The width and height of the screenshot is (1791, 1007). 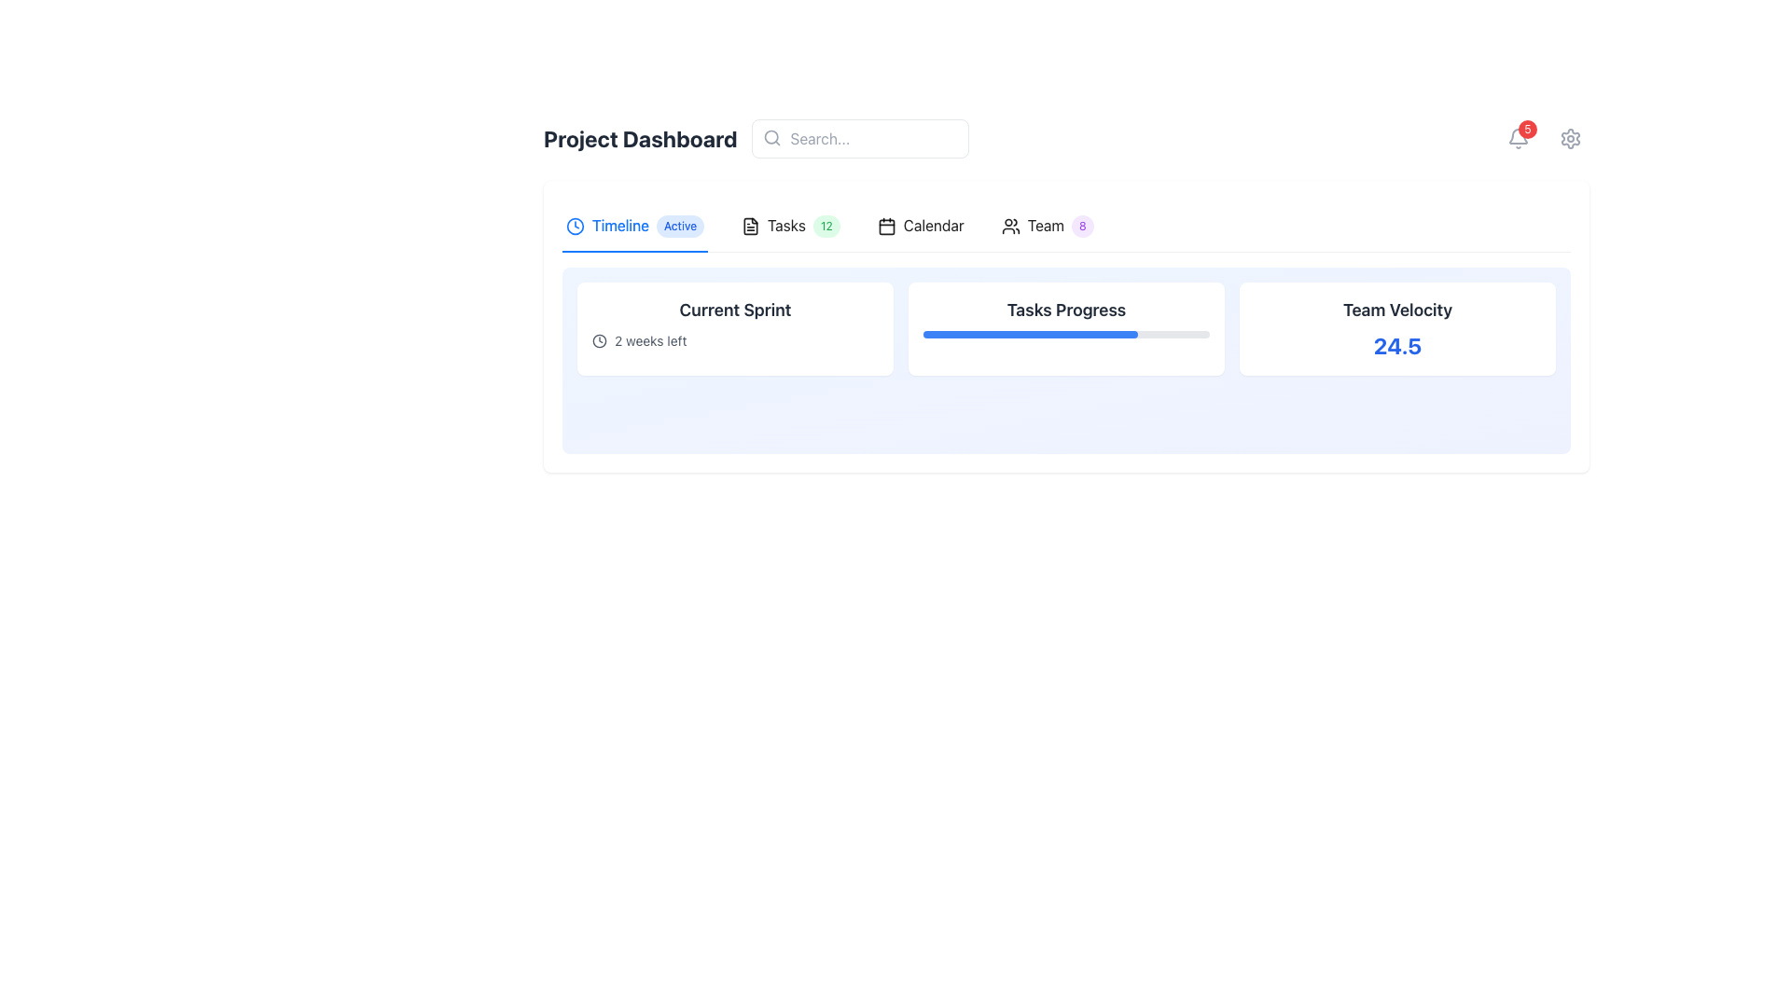 What do you see at coordinates (790, 225) in the screenshot?
I see `the 'Tasks' tab navigation item with a green badge displaying '12'` at bounding box center [790, 225].